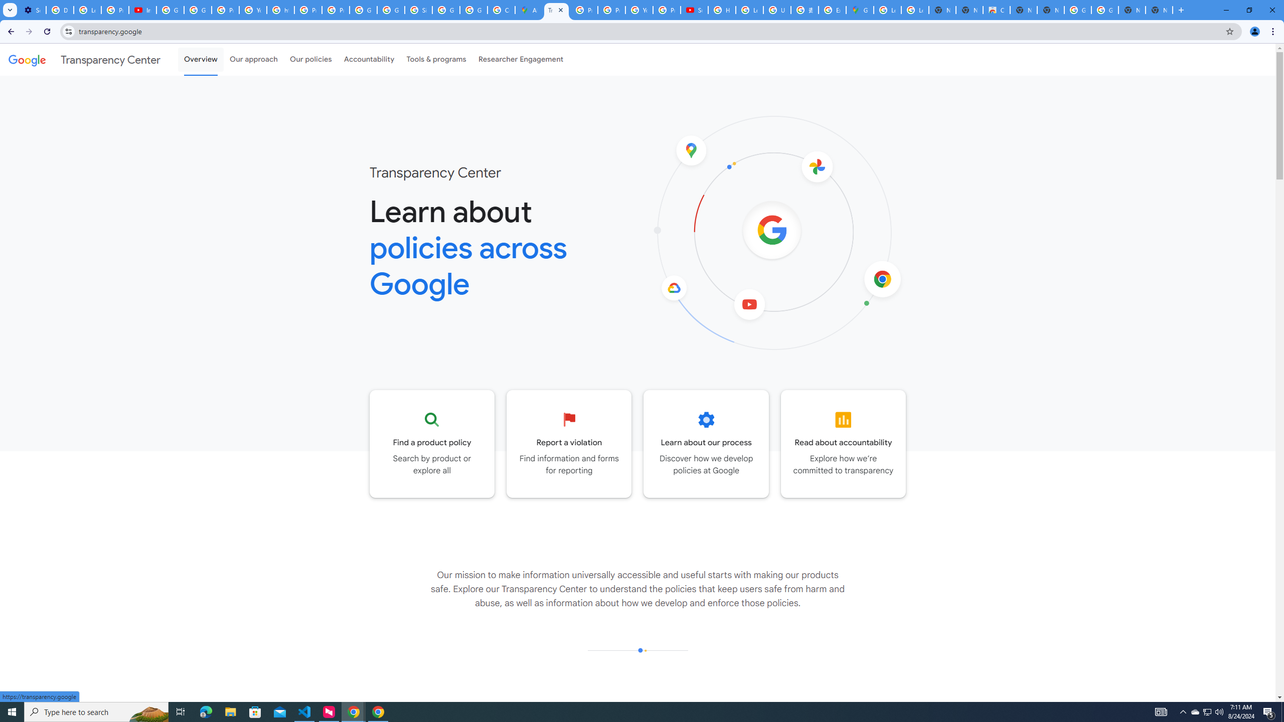  Describe the element at coordinates (253, 59) in the screenshot. I see `'Our approach'` at that location.